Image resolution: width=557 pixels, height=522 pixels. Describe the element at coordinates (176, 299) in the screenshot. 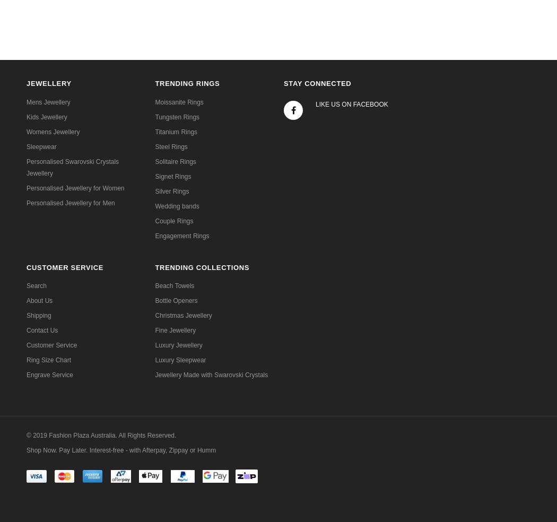

I see `'Bottle Openers'` at that location.